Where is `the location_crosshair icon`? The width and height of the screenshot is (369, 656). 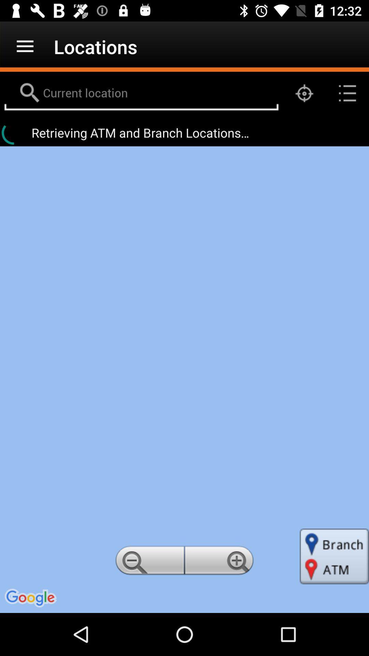 the location_crosshair icon is located at coordinates (304, 93).